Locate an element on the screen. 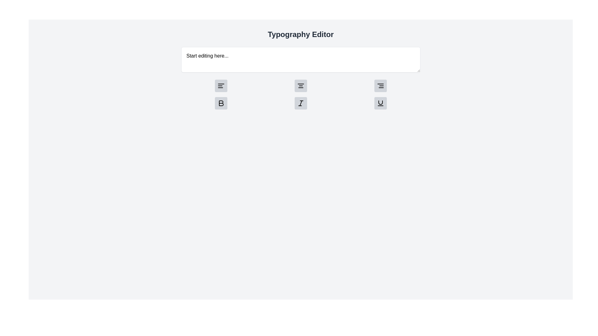  the centered alignment button with a gray background and icon depicting three horizontal lines is located at coordinates (301, 78).